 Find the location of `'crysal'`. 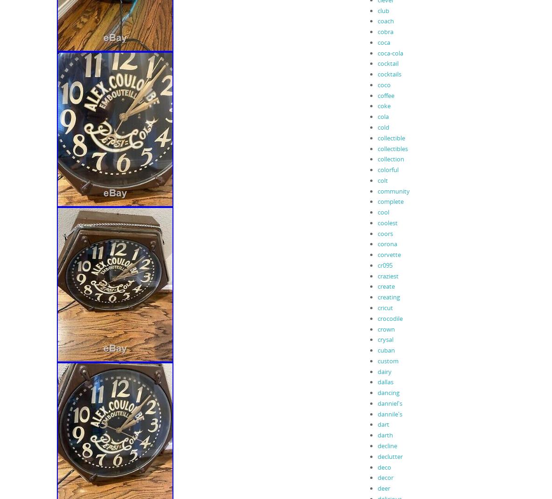

'crysal' is located at coordinates (385, 339).